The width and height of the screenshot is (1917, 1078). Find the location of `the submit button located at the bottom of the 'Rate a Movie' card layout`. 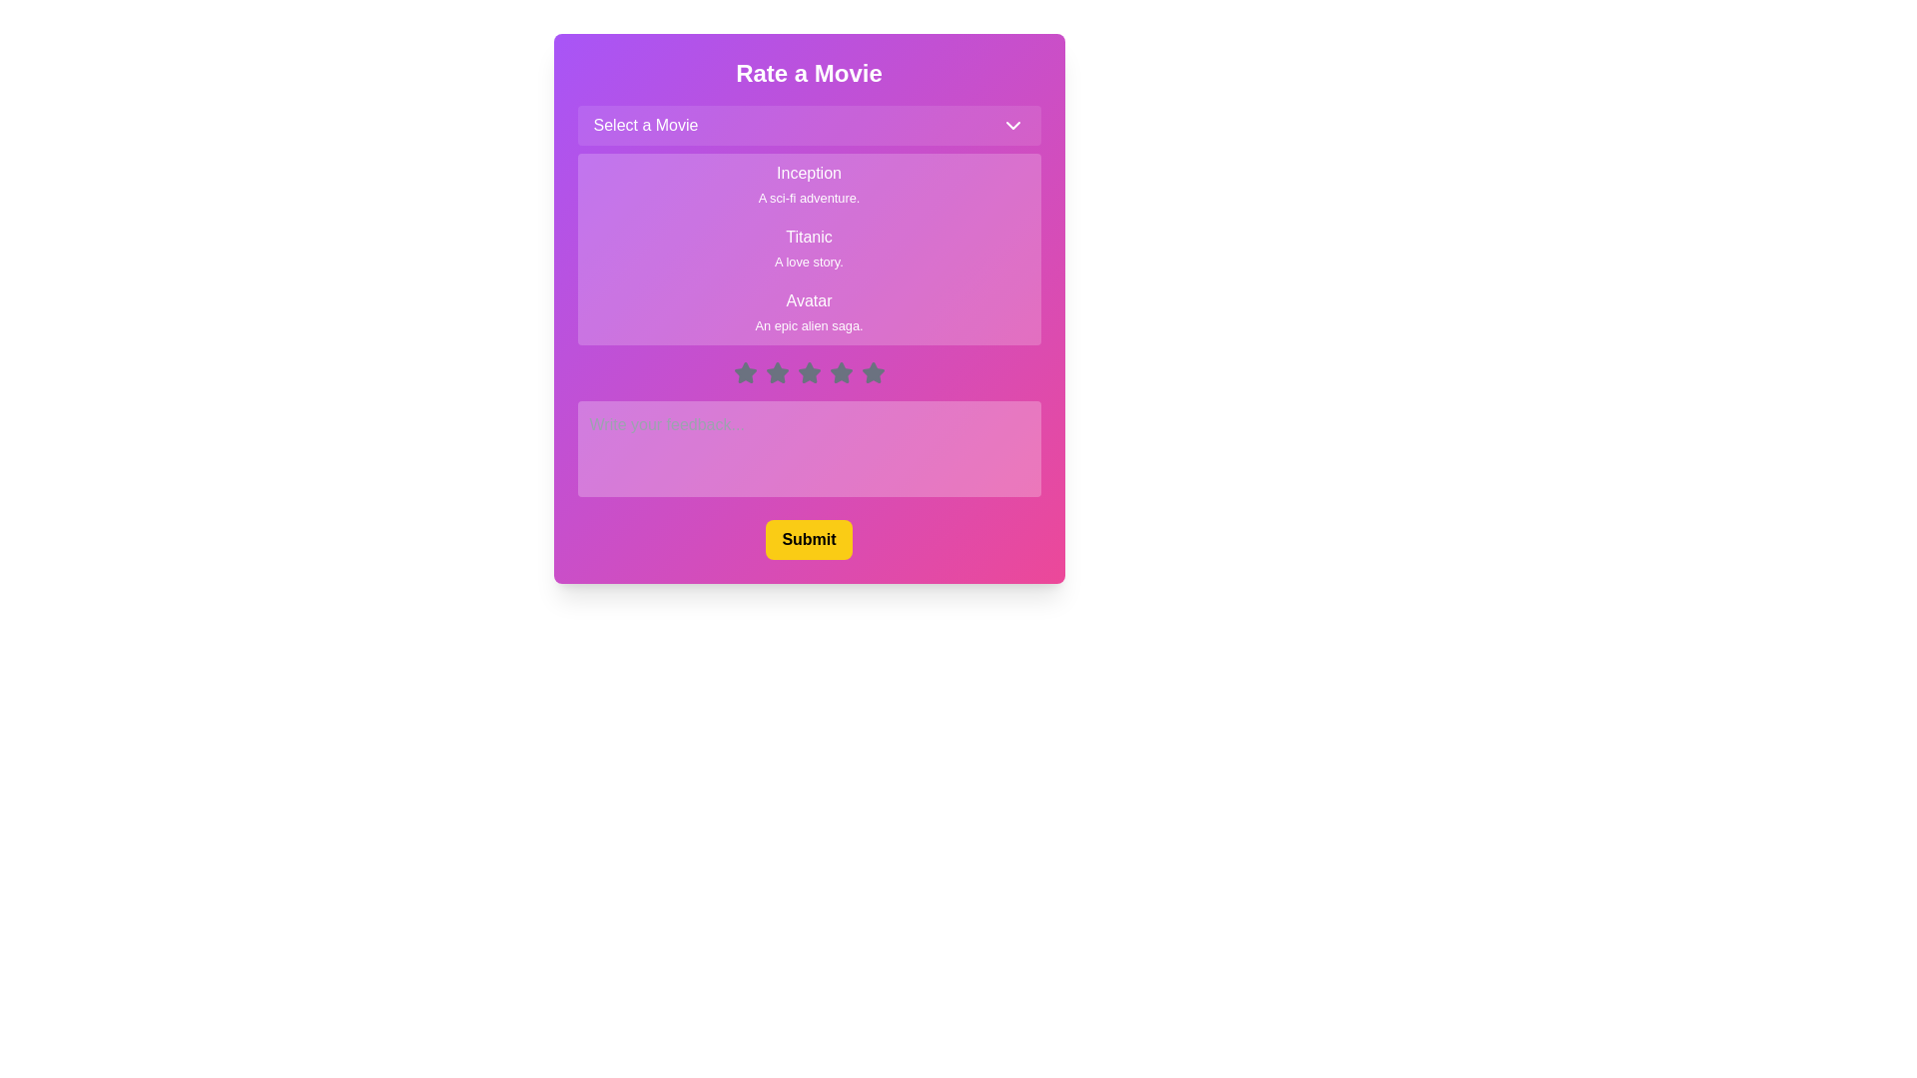

the submit button located at the bottom of the 'Rate a Movie' card layout is located at coordinates (809, 539).